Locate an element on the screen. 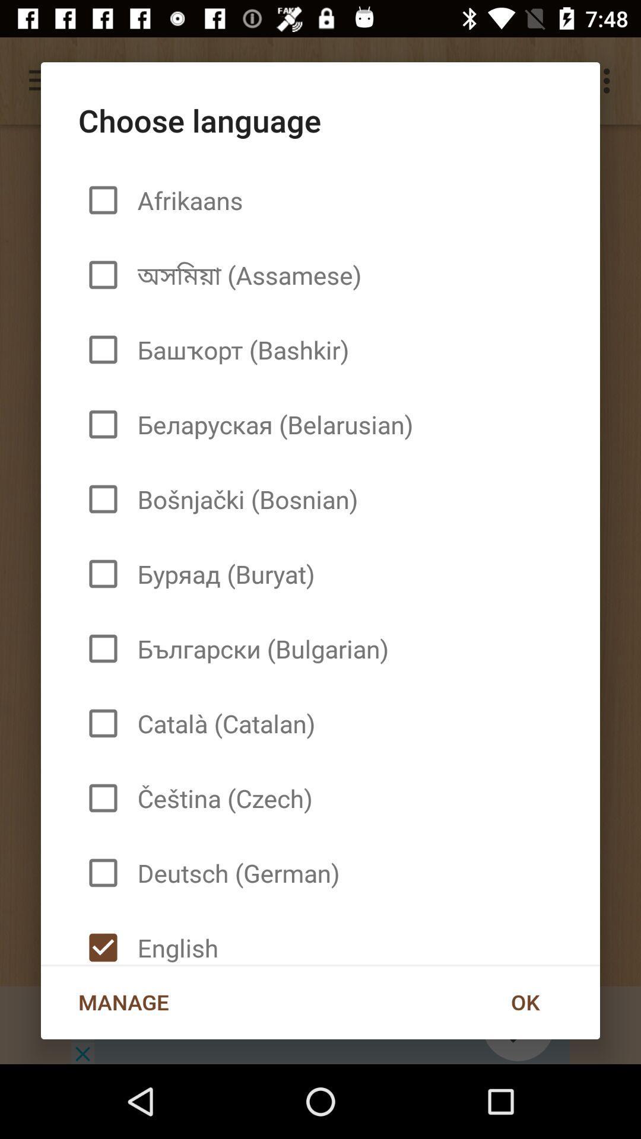  the icon above manage icon is located at coordinates (173, 937).